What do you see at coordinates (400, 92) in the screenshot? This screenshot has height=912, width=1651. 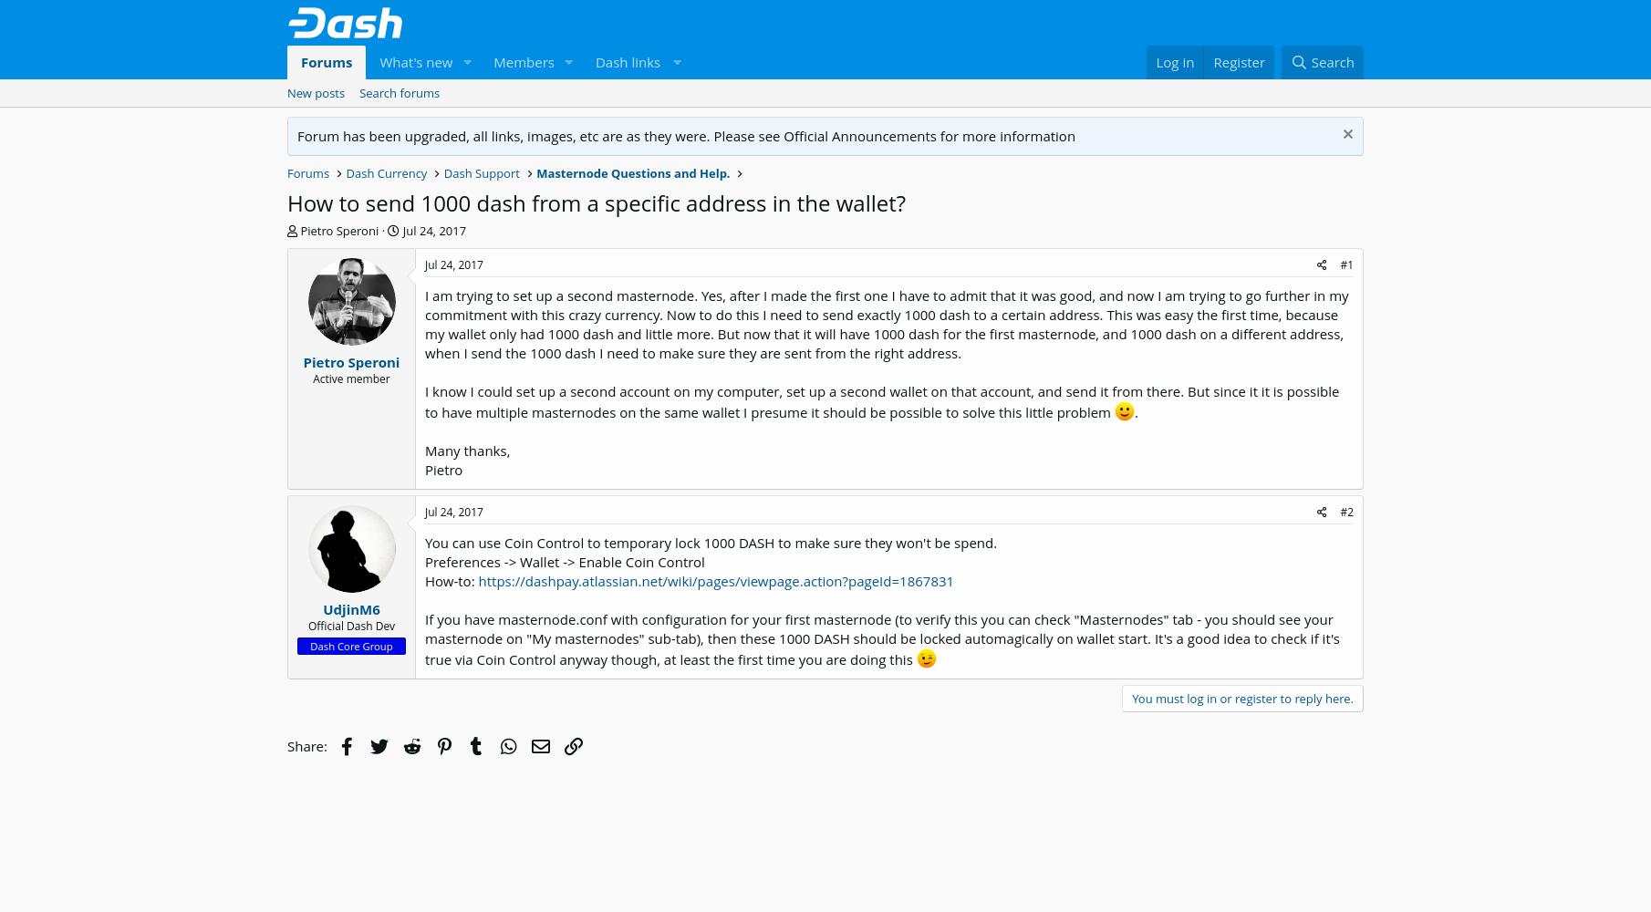 I see `'Search forums'` at bounding box center [400, 92].